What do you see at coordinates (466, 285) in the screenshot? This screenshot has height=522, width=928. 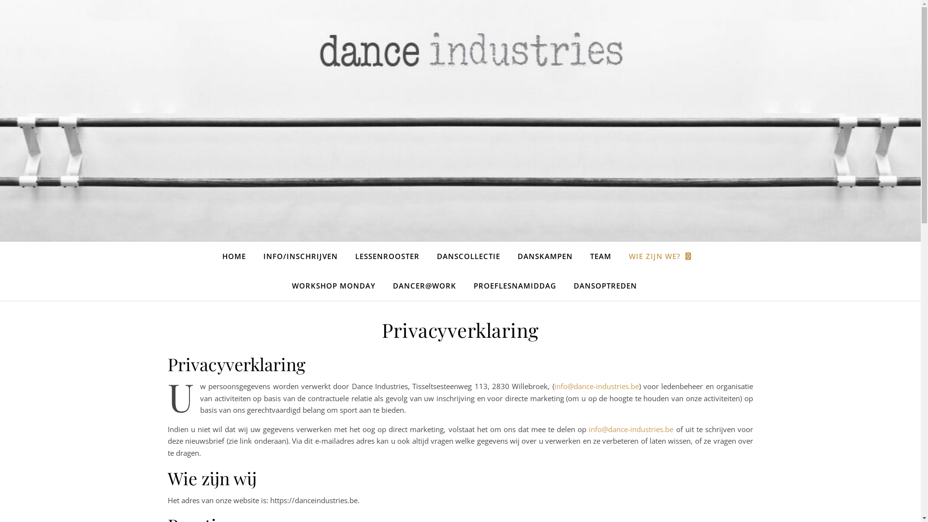 I see `'PROEFLESNAMIDDAG'` at bounding box center [466, 285].